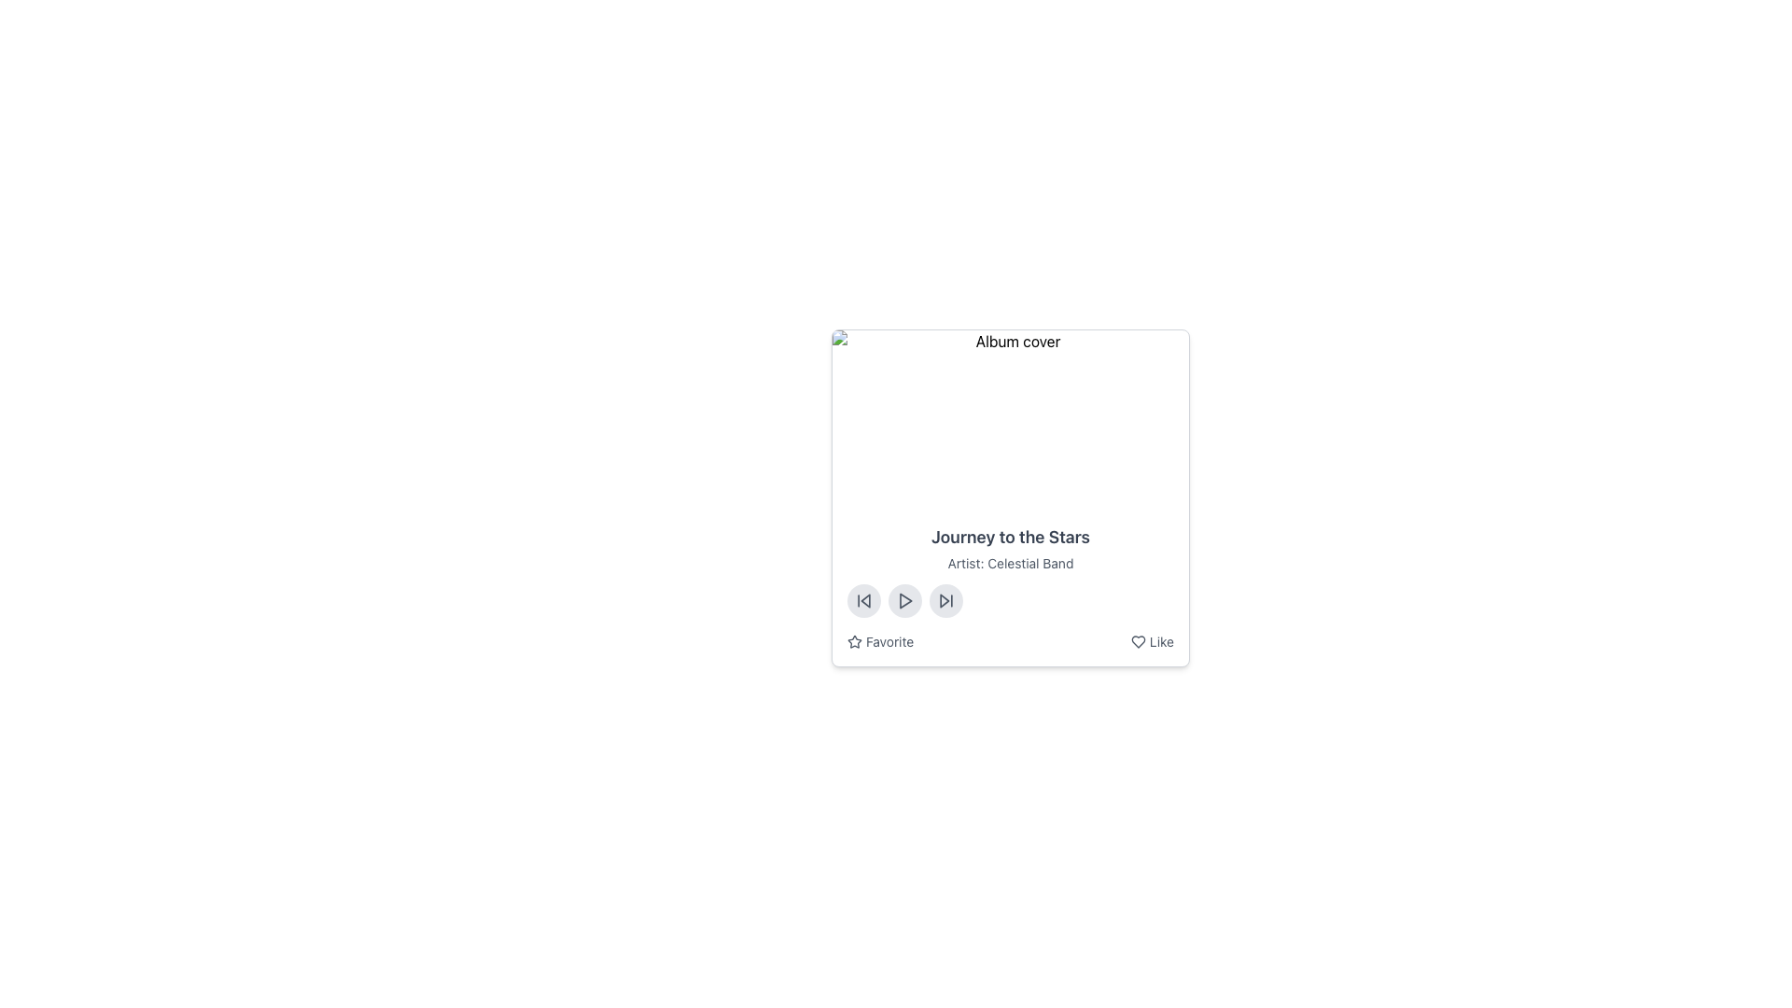 The image size is (1792, 1008). Describe the element at coordinates (879, 640) in the screenshot. I see `the 'Favorite' button located in the bottom left section of the music player controls card to change its color to blue` at that location.